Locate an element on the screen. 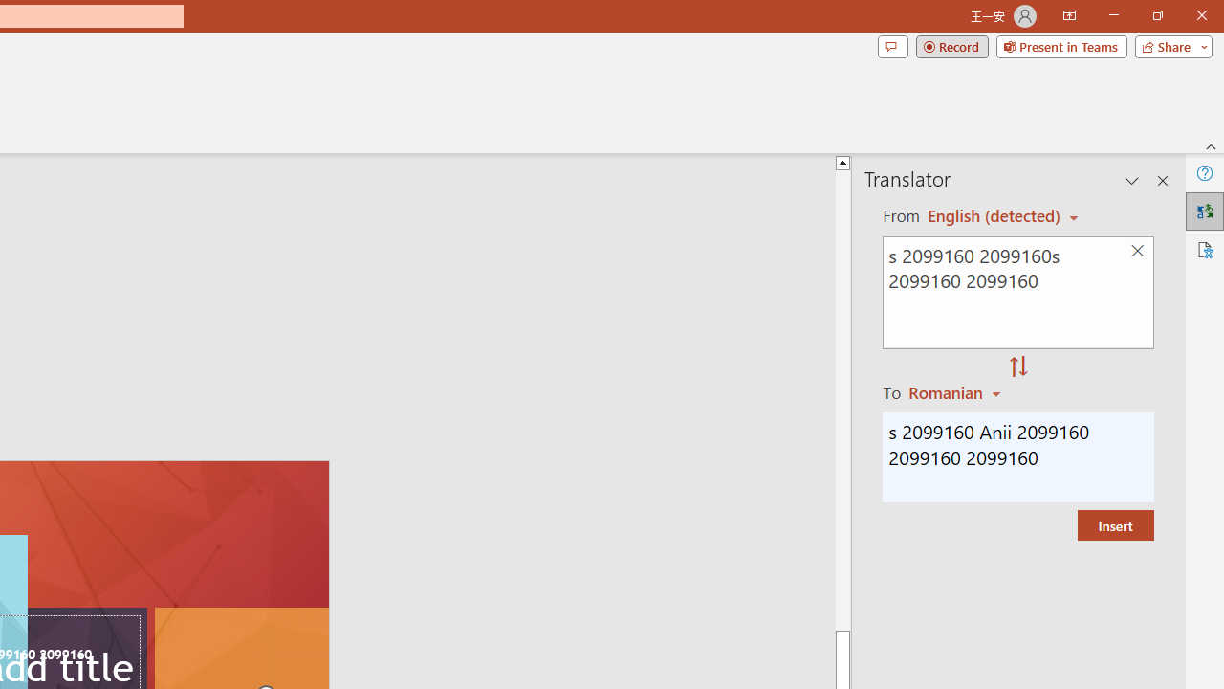  'Swap "from" and "to" languages.' is located at coordinates (1017, 367).